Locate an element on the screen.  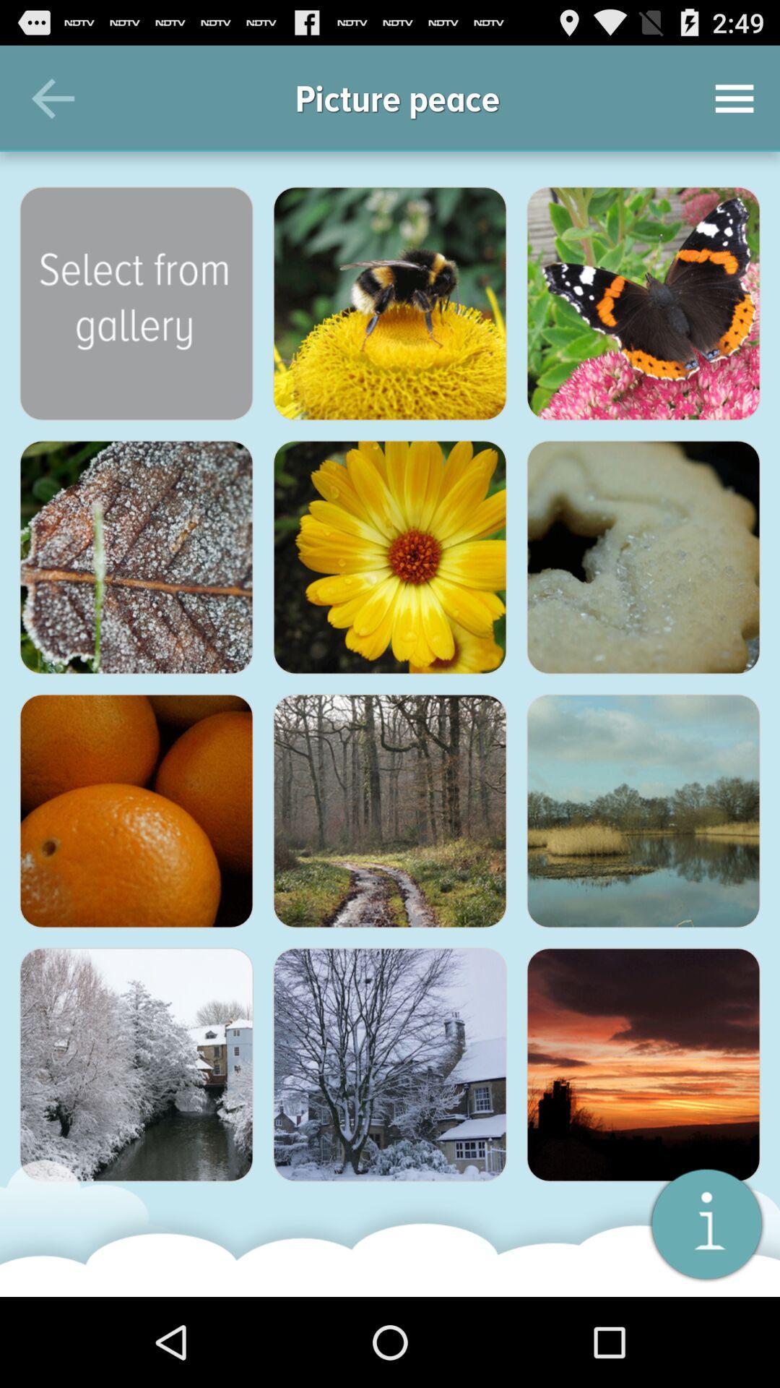
floresta is located at coordinates (390, 811).